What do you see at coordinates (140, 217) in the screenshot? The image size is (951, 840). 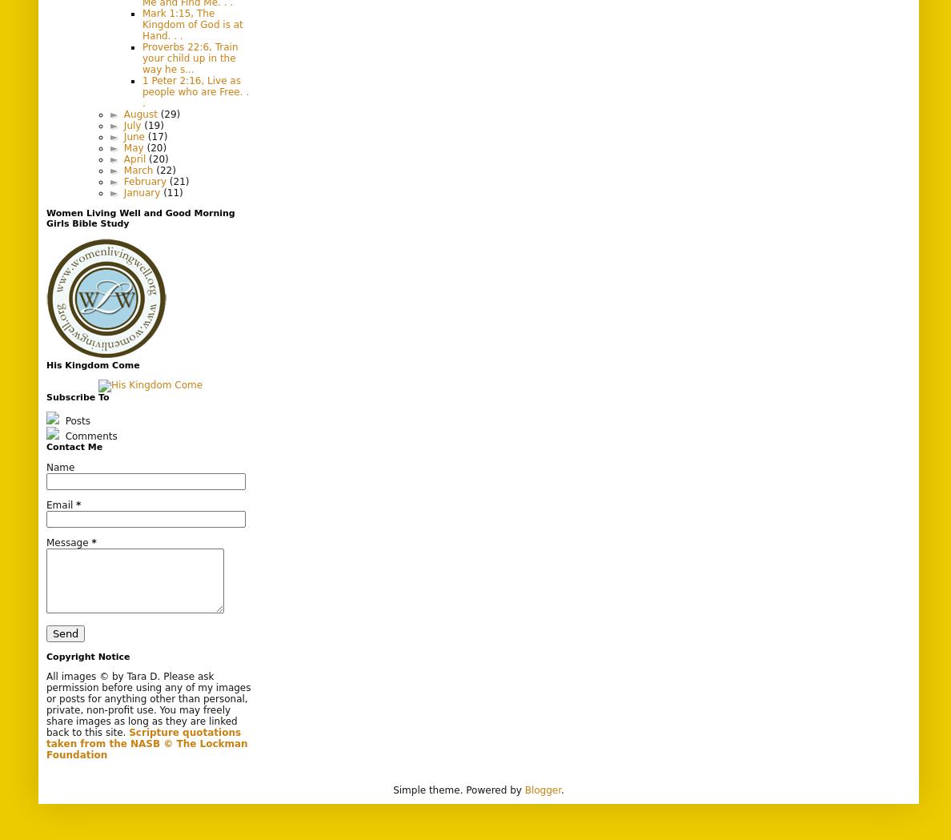 I see `'Women Living Well and Good Morning Girls Bible Study'` at bounding box center [140, 217].